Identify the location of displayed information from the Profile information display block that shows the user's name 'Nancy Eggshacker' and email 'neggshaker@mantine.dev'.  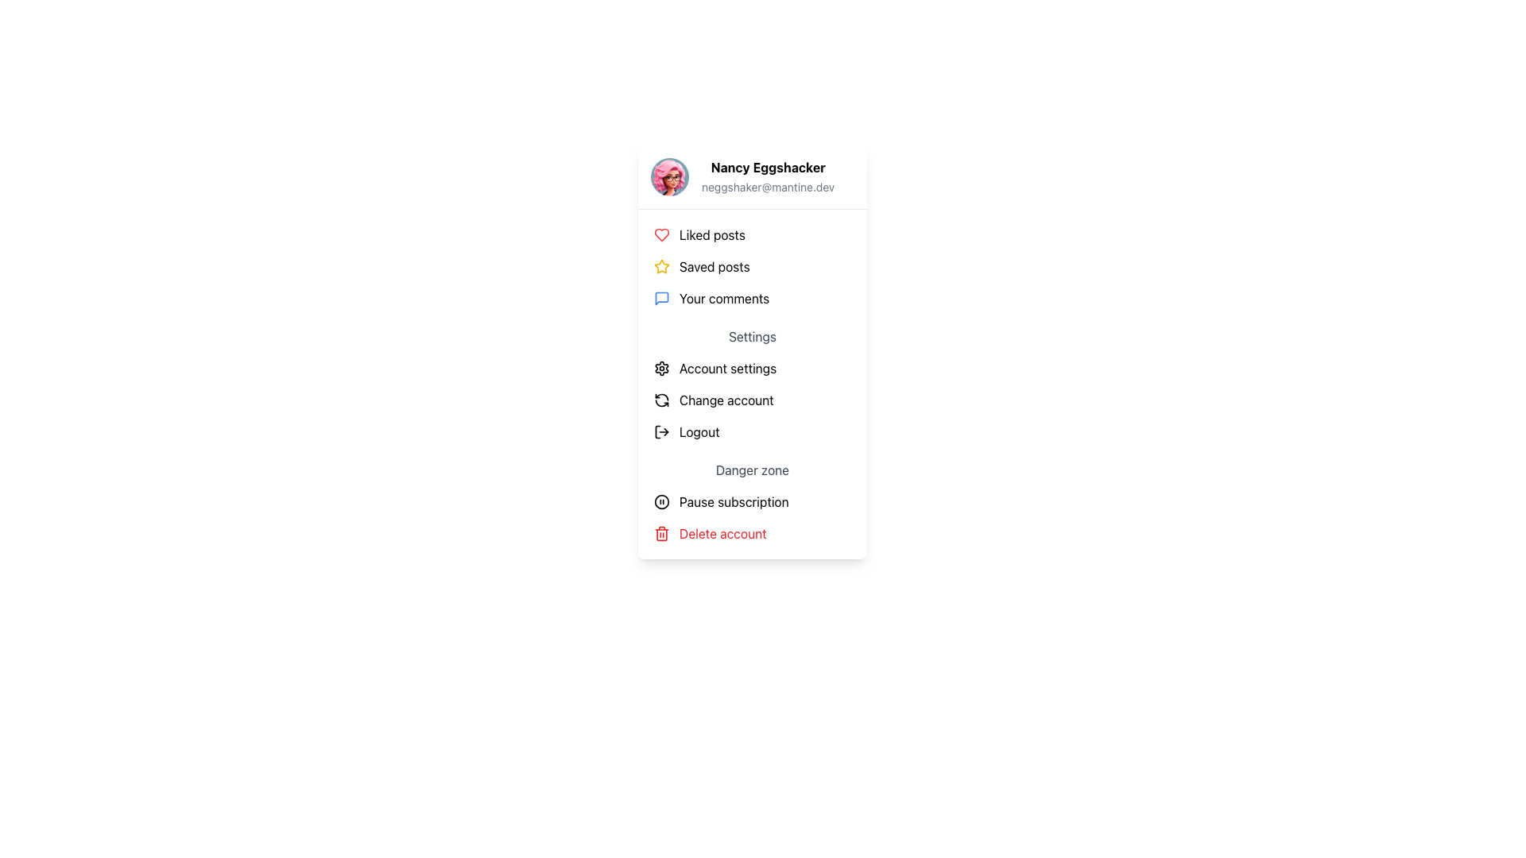
(751, 177).